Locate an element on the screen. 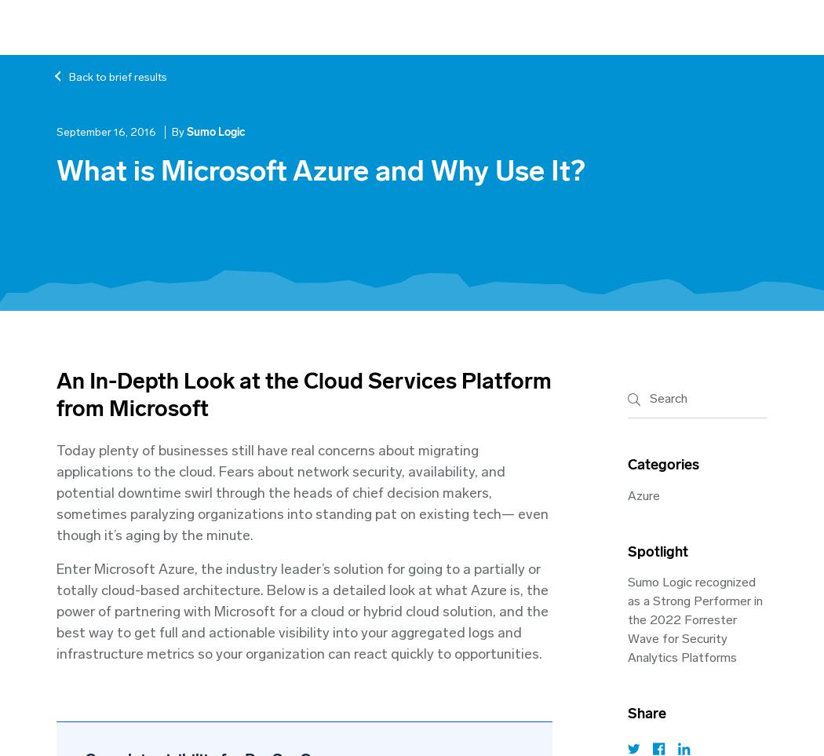 Image resolution: width=824 pixels, height=756 pixels. 'Eight best practices for a data-driven approach to cloud migration' is located at coordinates (196, 91).